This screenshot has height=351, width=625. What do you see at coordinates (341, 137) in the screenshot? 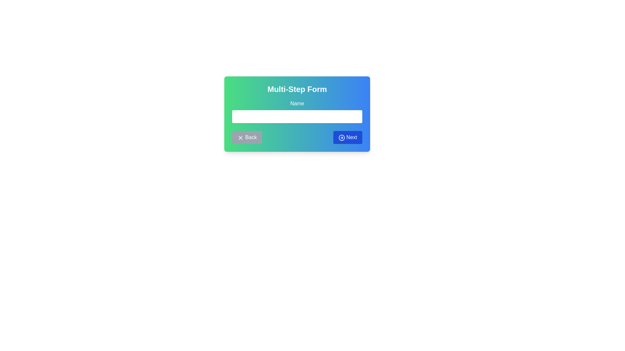
I see `the icon located inside the 'Next' button in the lower-right corner of the 'Multi-Step Form' section, which visually indicates forward navigation` at bounding box center [341, 137].